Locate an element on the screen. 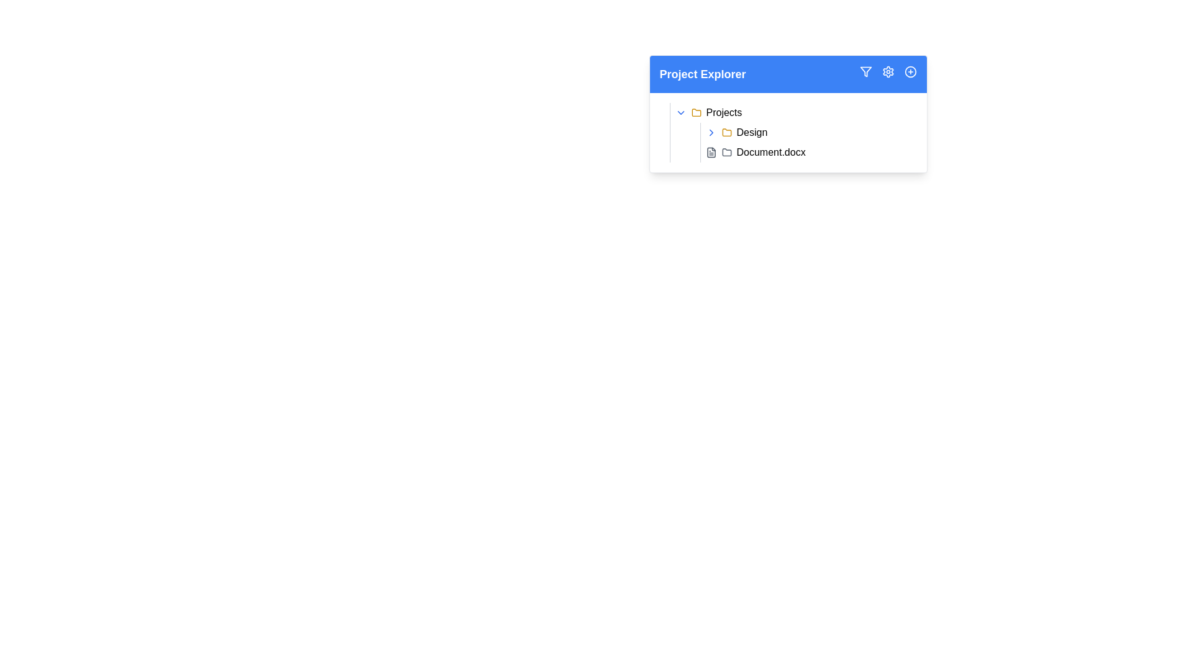 Image resolution: width=1192 pixels, height=670 pixels. the 'Design' folder list item in the 'Projects' section is located at coordinates (808, 132).